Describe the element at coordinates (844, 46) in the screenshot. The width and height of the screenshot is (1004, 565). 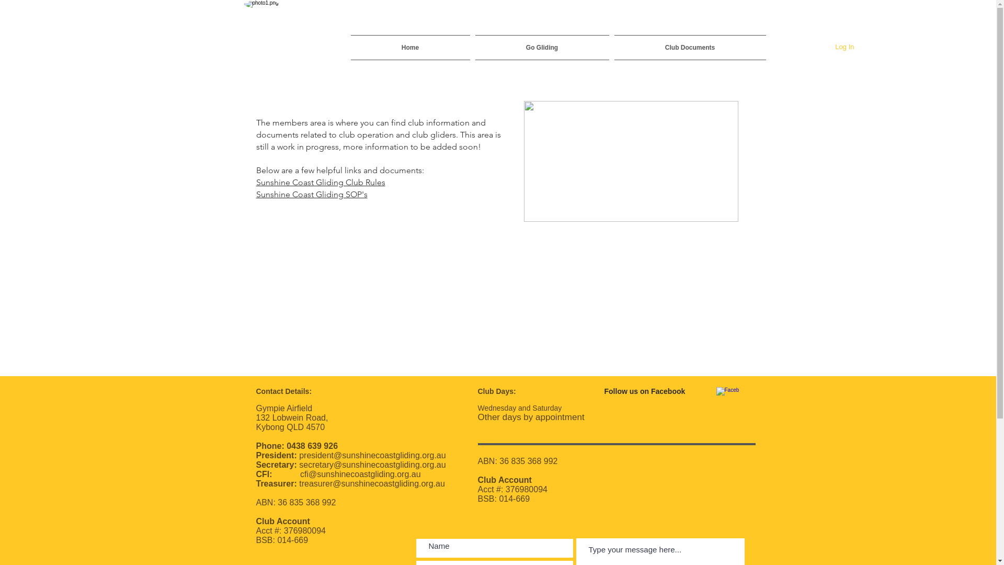
I see `'Log In'` at that location.